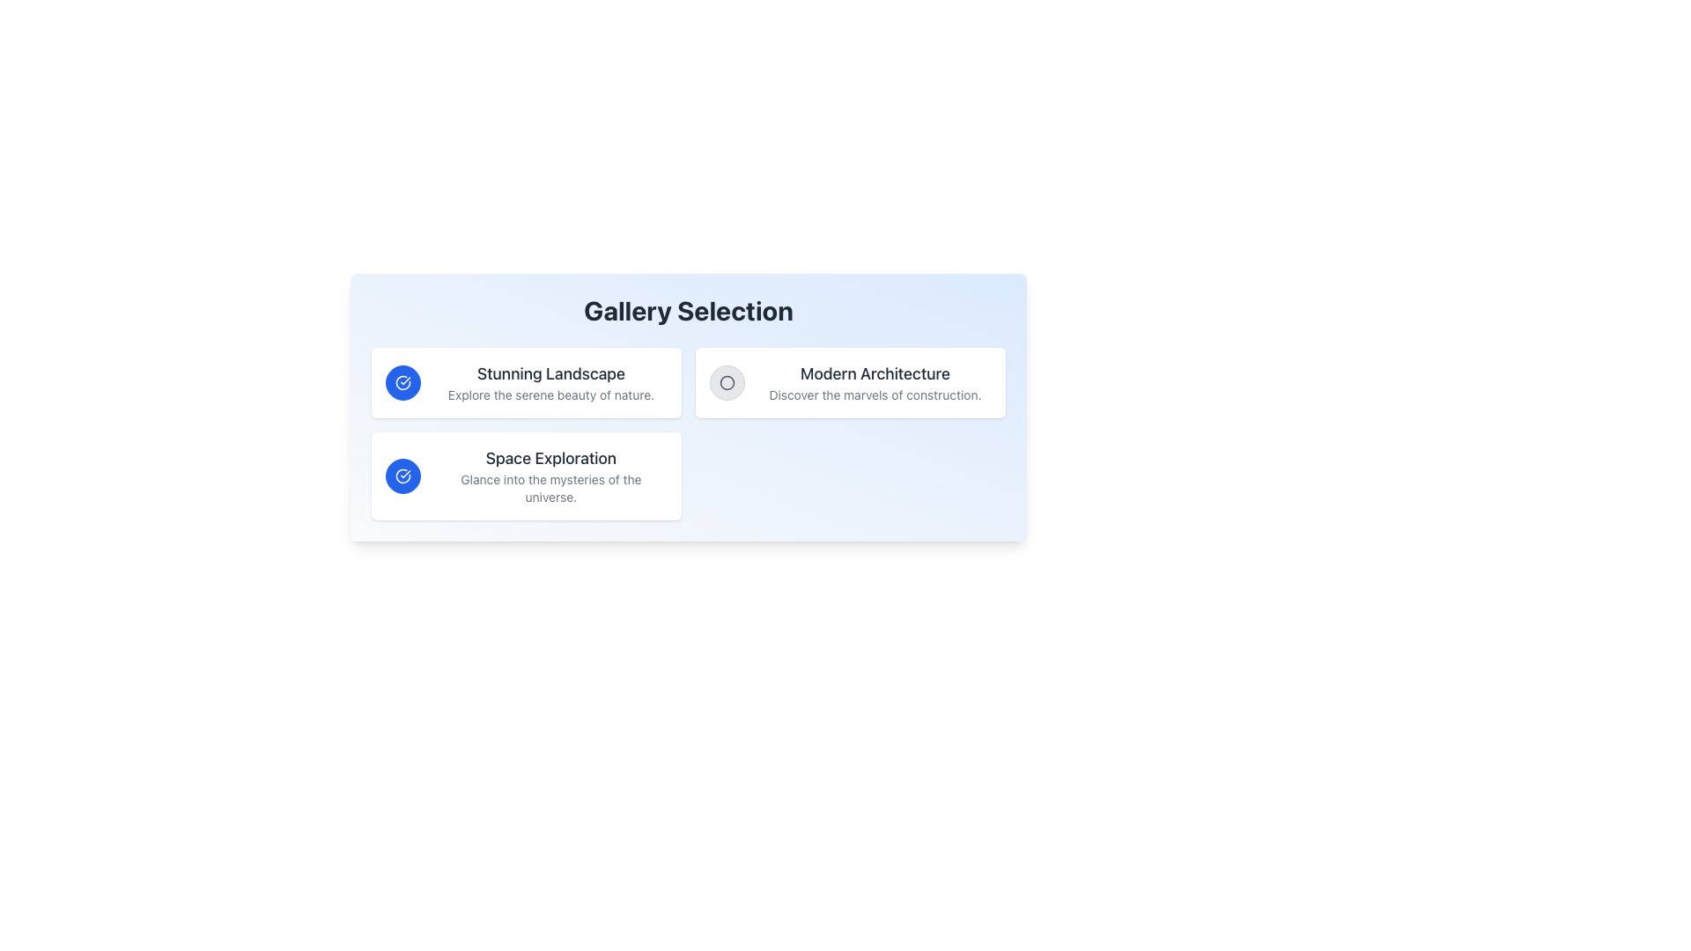 The width and height of the screenshot is (1691, 951). Describe the element at coordinates (875, 372) in the screenshot. I see `the Text Label titled 'Modern Architecture' located in the upper part of the right-hand selection panel` at that location.